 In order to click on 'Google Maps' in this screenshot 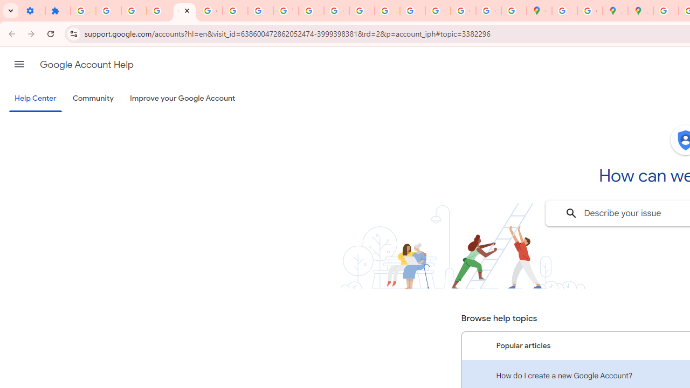, I will do `click(539, 11)`.